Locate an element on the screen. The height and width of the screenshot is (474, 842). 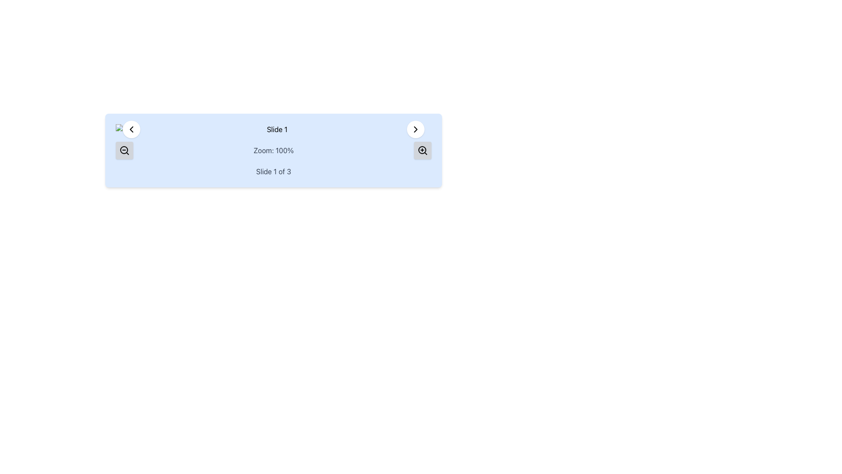
the chevron icon located on the far right side of the blue panel inside a circular button adjacent to the zoom control is located at coordinates (415, 129).